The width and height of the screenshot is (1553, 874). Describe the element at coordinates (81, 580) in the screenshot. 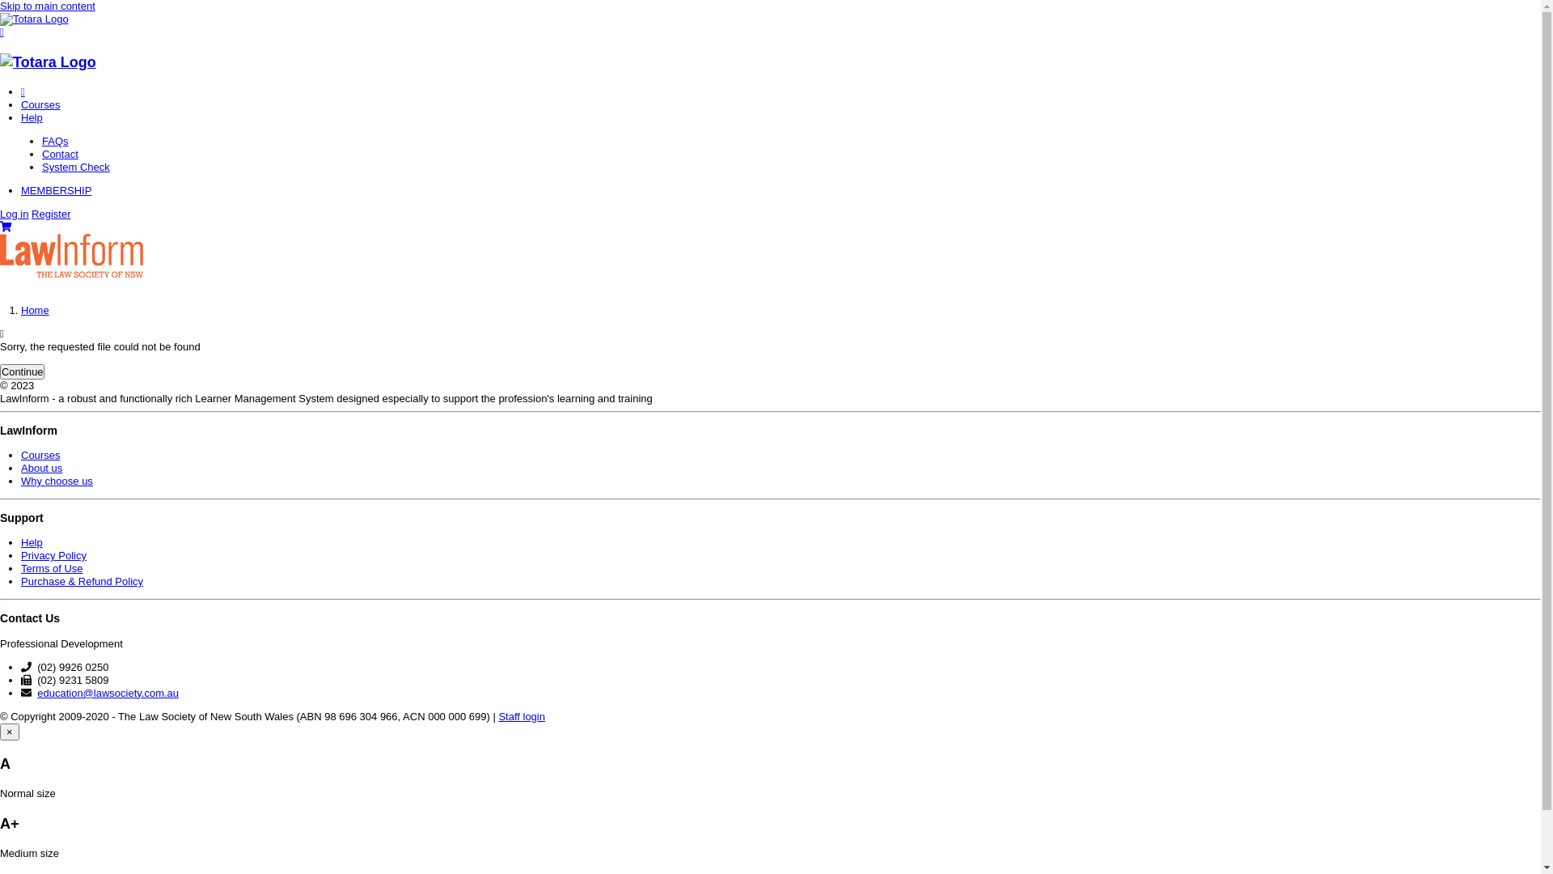

I see `'Purchase & Refund Policy'` at that location.